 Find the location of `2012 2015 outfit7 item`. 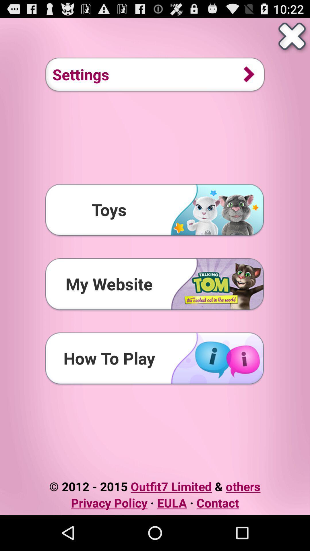

2012 2015 outfit7 item is located at coordinates (154, 486).